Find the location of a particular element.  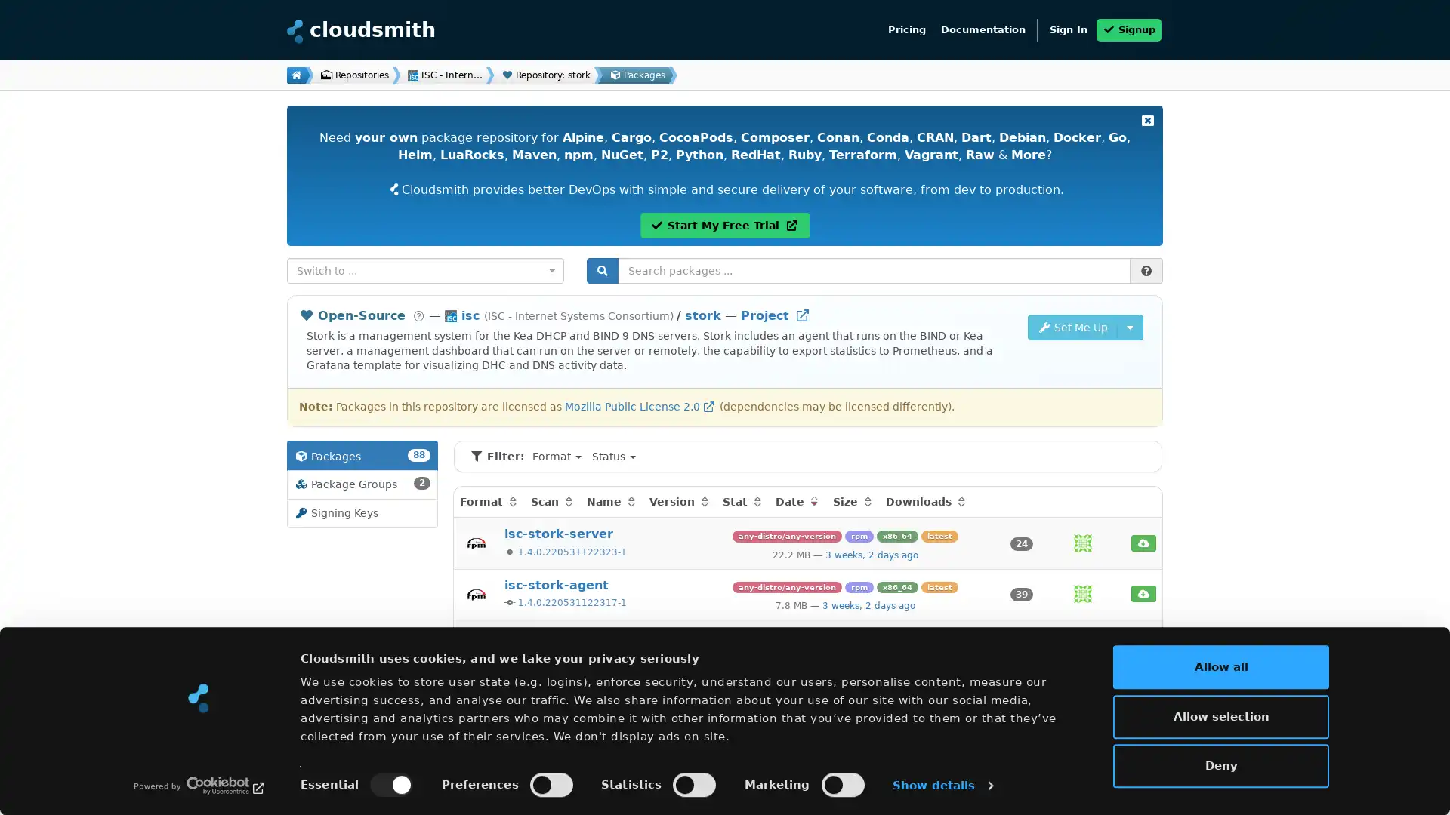

Allow all is located at coordinates (1221, 666).